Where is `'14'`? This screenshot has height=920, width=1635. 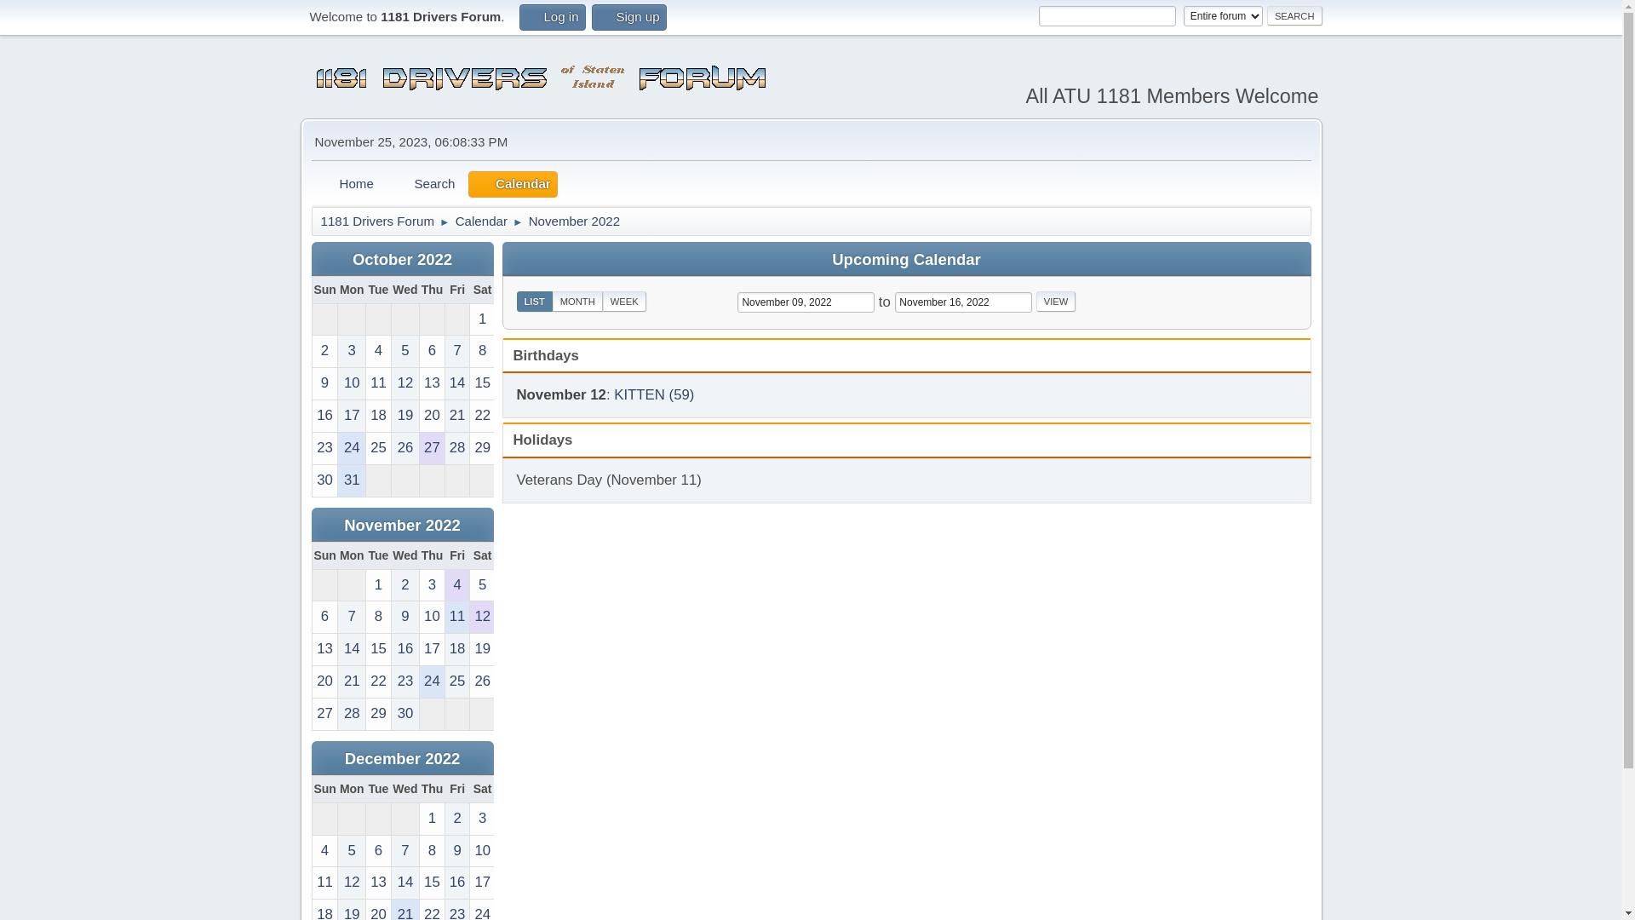 '14' is located at coordinates (391, 882).